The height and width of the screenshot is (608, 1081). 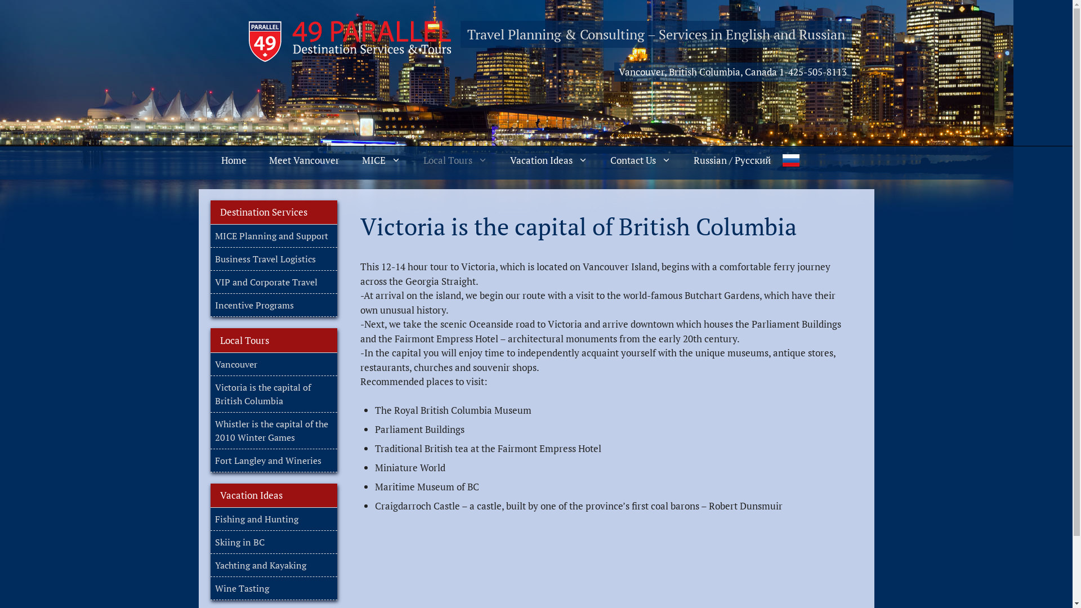 What do you see at coordinates (253, 305) in the screenshot?
I see `'Incentive Programs'` at bounding box center [253, 305].